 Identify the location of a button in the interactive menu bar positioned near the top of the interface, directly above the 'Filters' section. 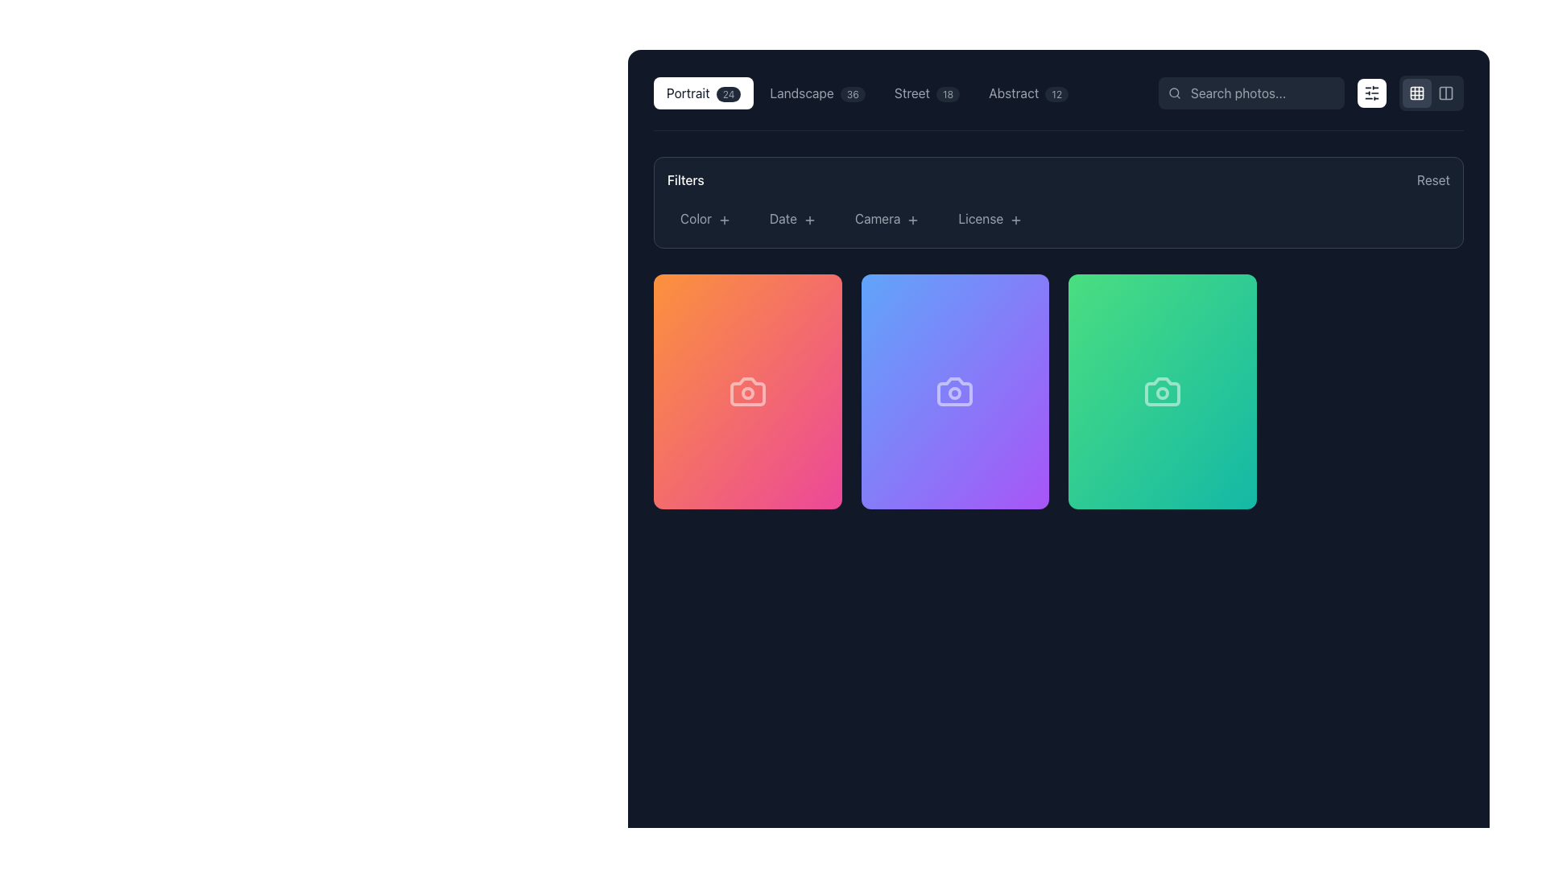
(1059, 103).